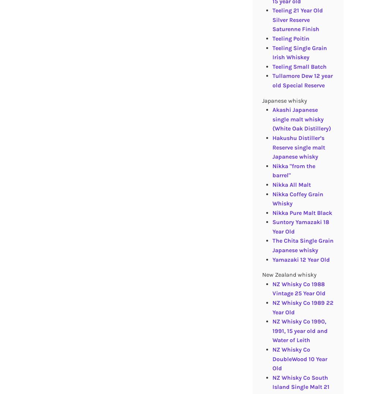 This screenshot has height=394, width=384. What do you see at coordinates (300, 226) in the screenshot?
I see `'Suntory Yamazaki 18 Year Old'` at bounding box center [300, 226].